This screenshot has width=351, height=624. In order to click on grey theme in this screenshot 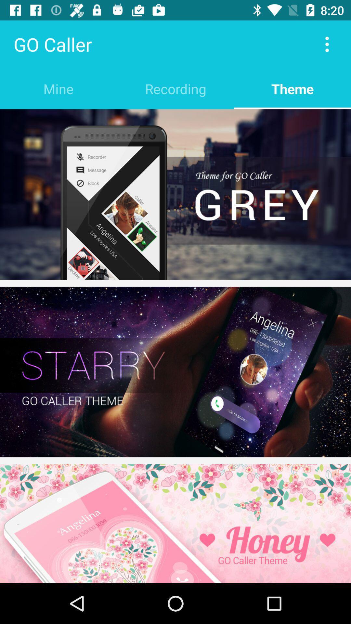, I will do `click(175, 194)`.